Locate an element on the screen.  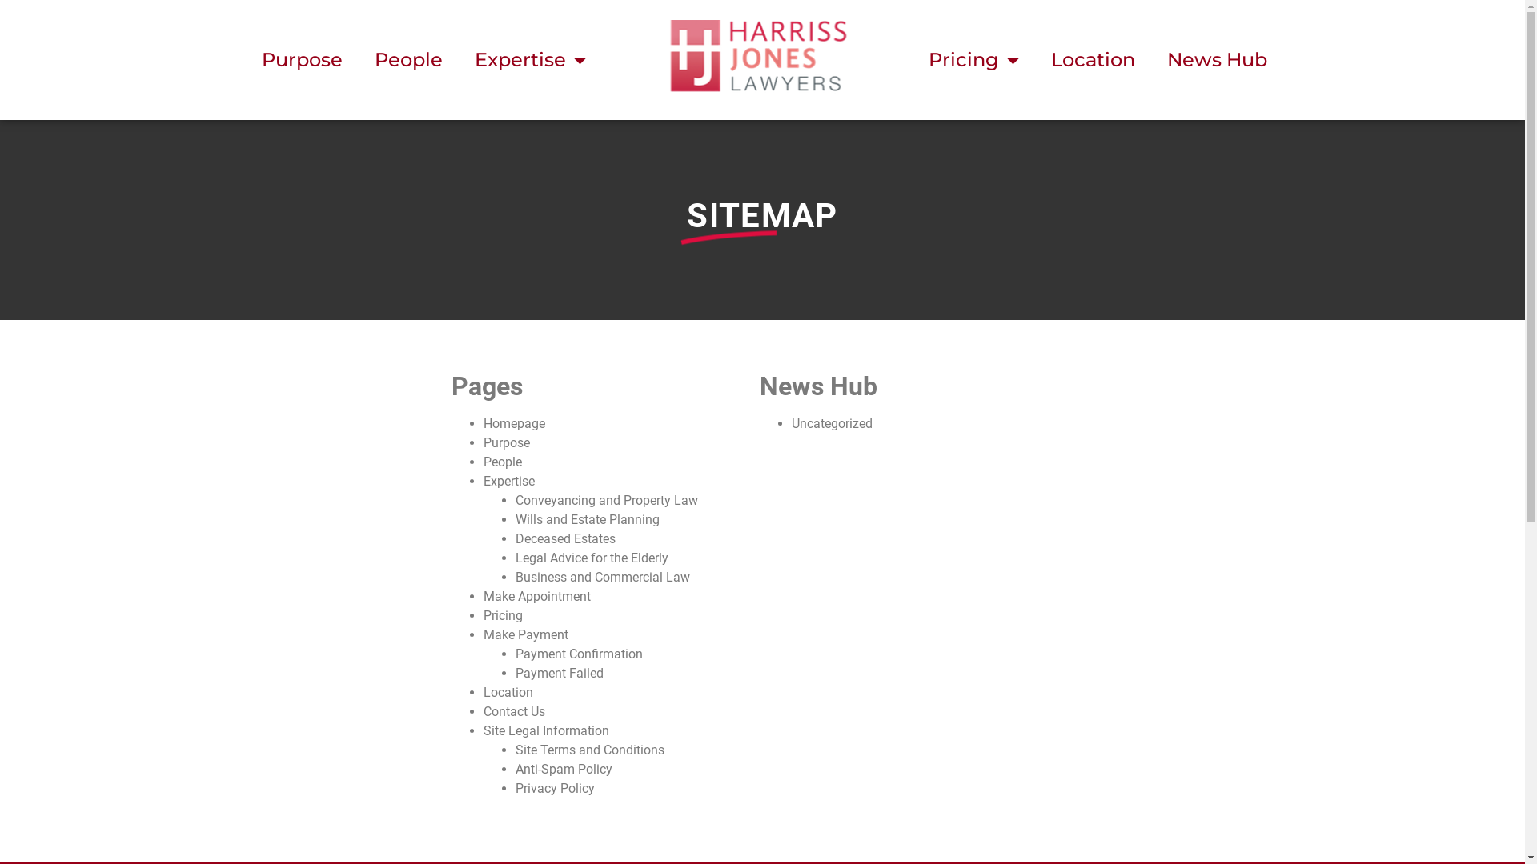
'Pricing' is located at coordinates (502, 614).